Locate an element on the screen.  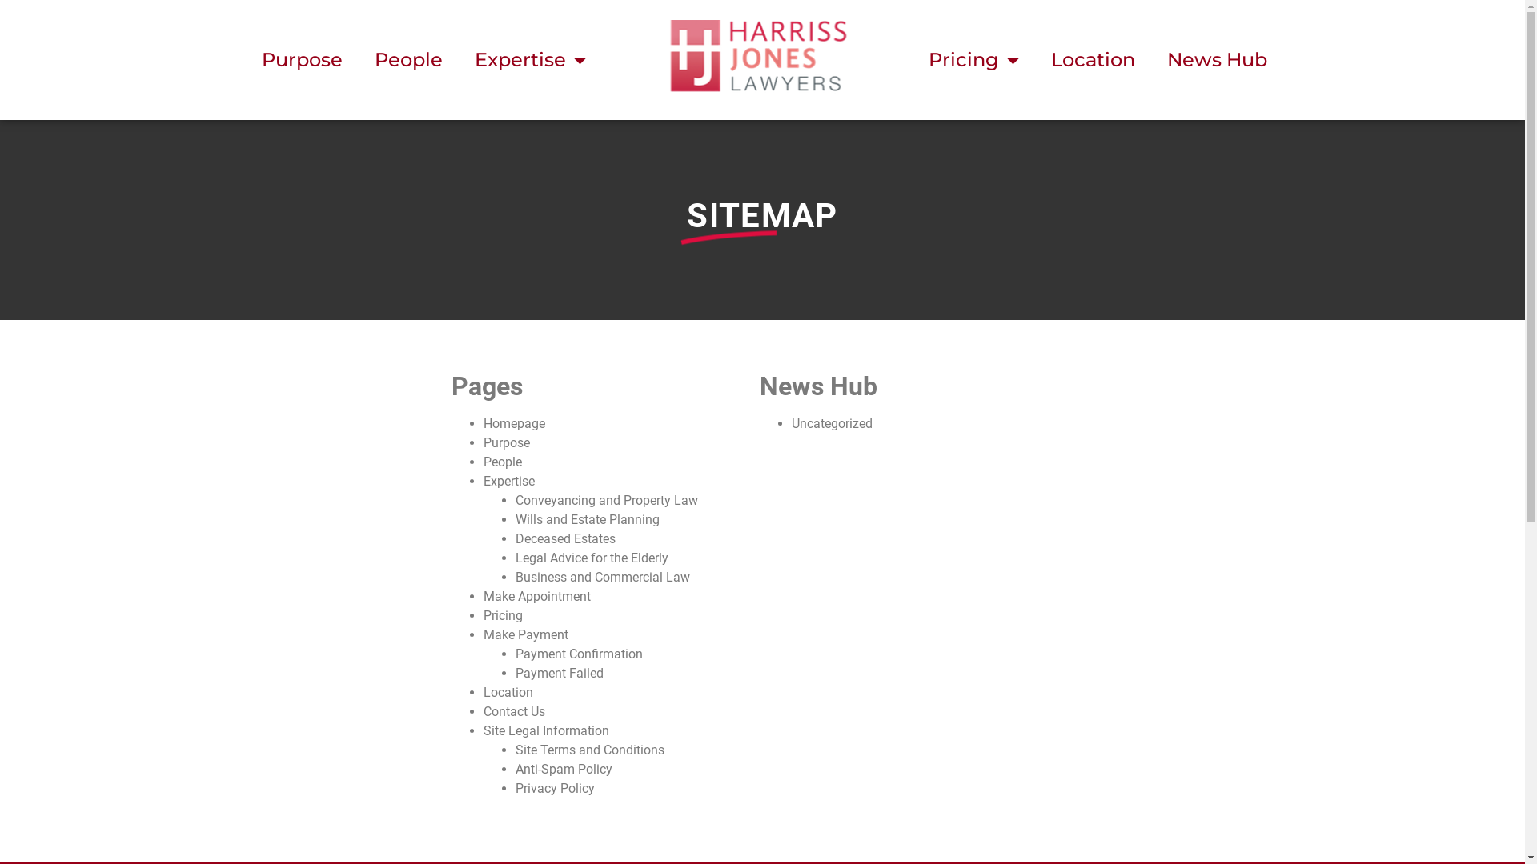
'Pricing' is located at coordinates (502, 614).